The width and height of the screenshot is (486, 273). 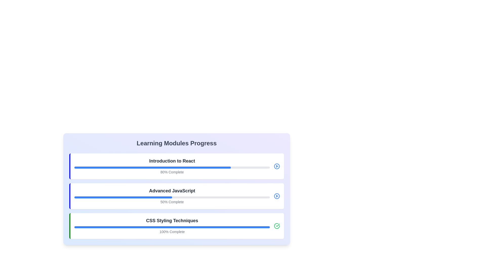 What do you see at coordinates (277, 166) in the screenshot?
I see `the circular blue icon button with a play symbol located at the top-right corner of the 'Introduction to React' module card` at bounding box center [277, 166].